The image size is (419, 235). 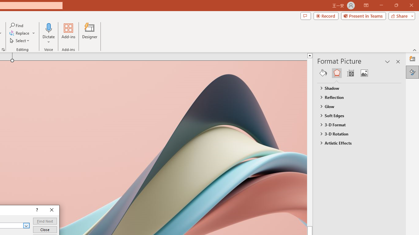 What do you see at coordinates (350, 73) in the screenshot?
I see `'Size & Properties'` at bounding box center [350, 73].